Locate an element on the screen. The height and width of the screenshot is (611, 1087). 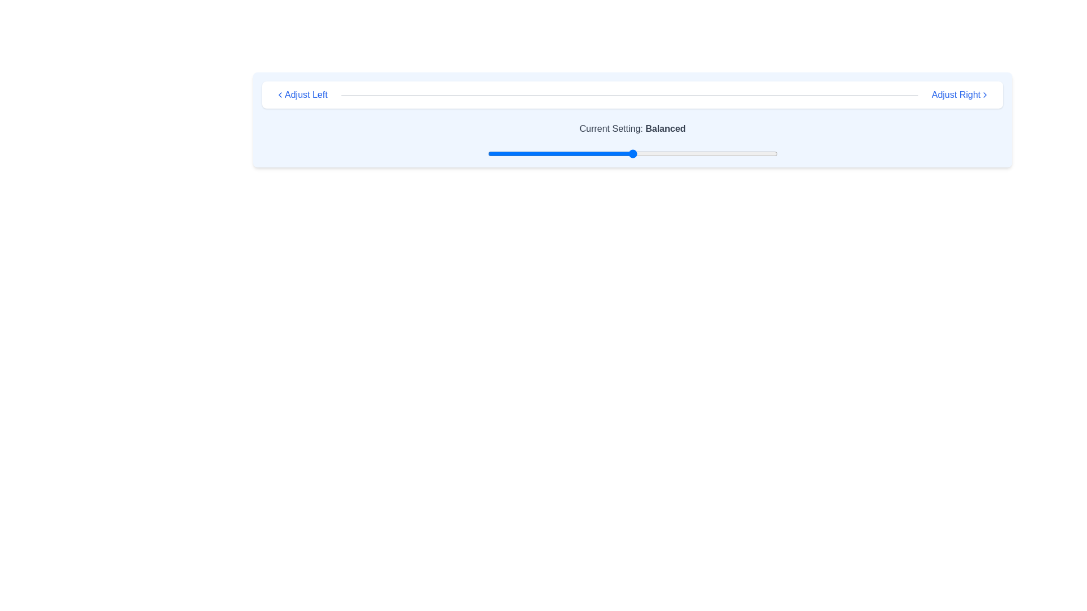
slider is located at coordinates (519, 154).